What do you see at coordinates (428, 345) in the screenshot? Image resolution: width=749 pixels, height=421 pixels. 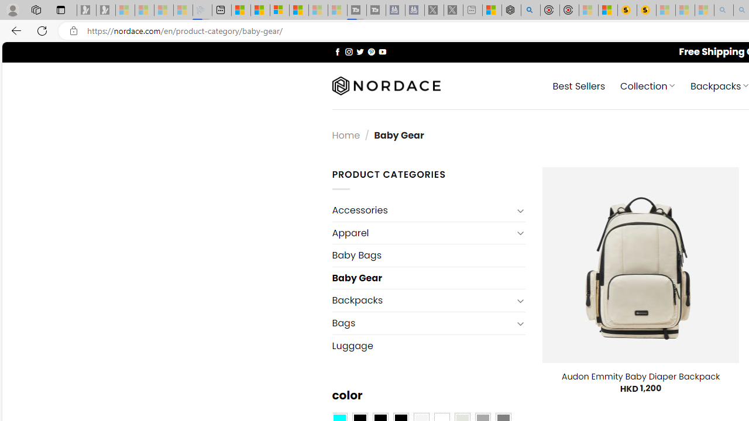 I see `'Luggage'` at bounding box center [428, 345].